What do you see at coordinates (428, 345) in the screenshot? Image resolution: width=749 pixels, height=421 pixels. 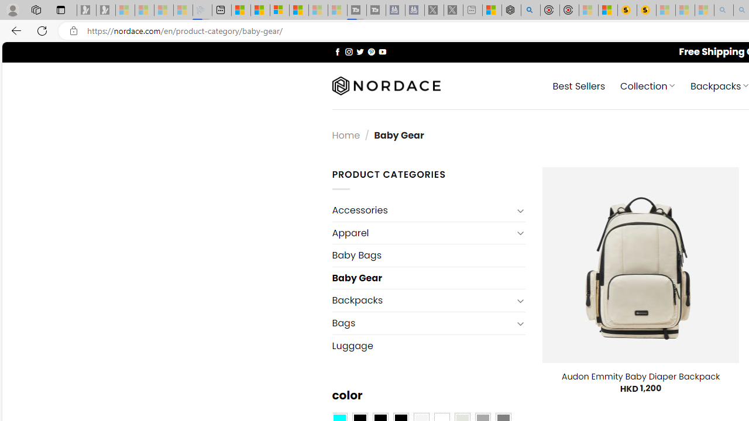 I see `'Luggage'` at bounding box center [428, 345].